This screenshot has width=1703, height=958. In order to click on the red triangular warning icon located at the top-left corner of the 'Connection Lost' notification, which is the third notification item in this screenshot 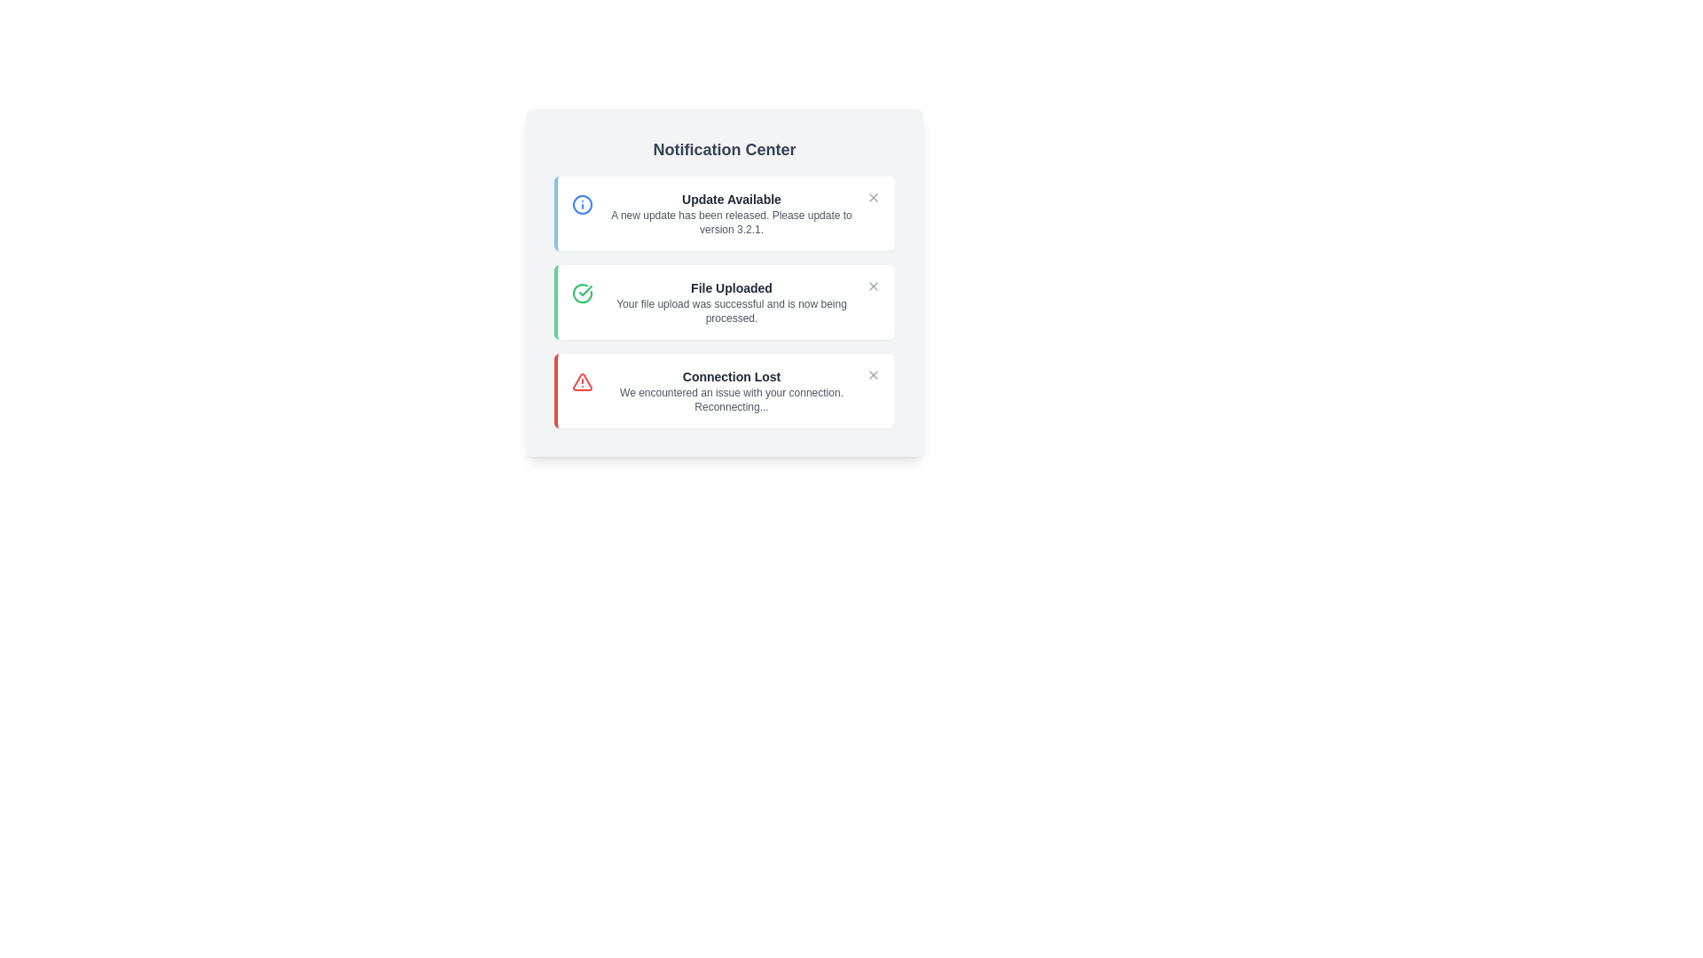, I will do `click(583, 381)`.